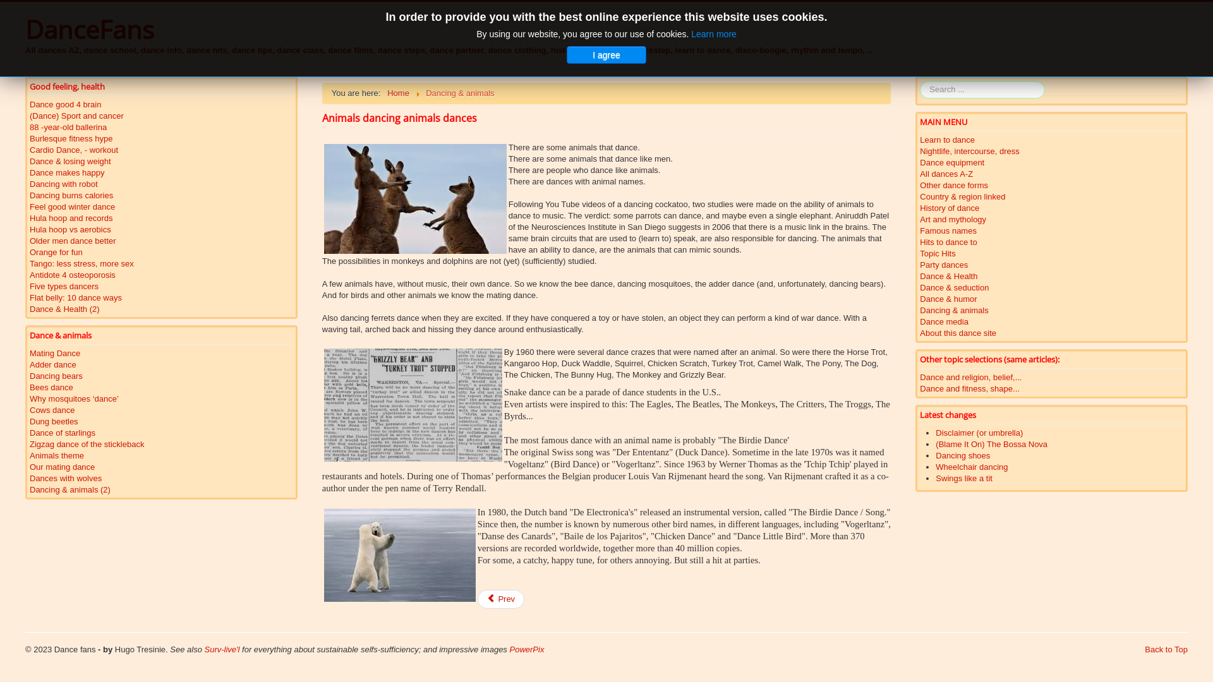 The height and width of the screenshot is (682, 1213). What do you see at coordinates (30, 184) in the screenshot?
I see `'Dancing with robot'` at bounding box center [30, 184].